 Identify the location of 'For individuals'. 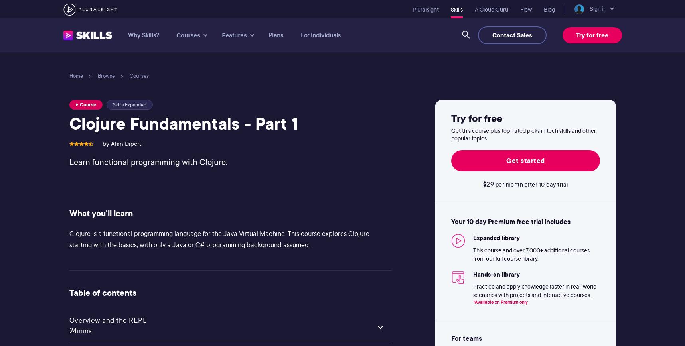
(321, 35).